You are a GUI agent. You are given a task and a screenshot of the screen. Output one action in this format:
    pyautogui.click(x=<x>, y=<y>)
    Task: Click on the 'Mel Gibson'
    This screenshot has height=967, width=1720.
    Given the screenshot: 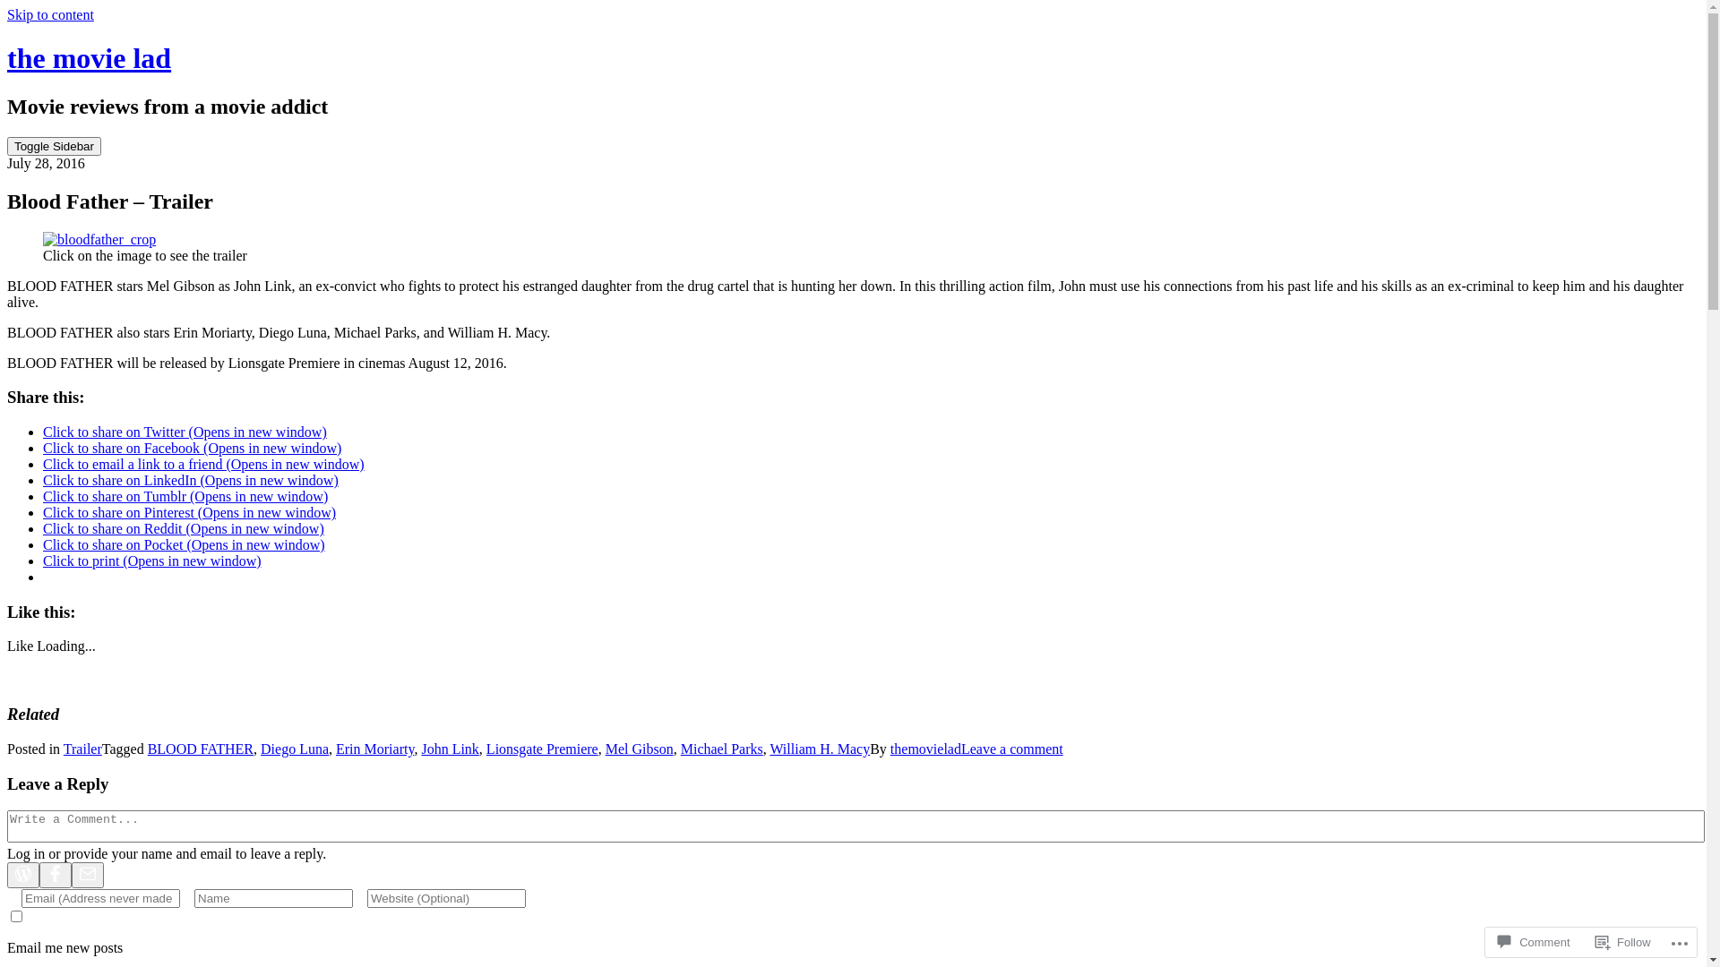 What is the action you would take?
    pyautogui.click(x=640, y=749)
    